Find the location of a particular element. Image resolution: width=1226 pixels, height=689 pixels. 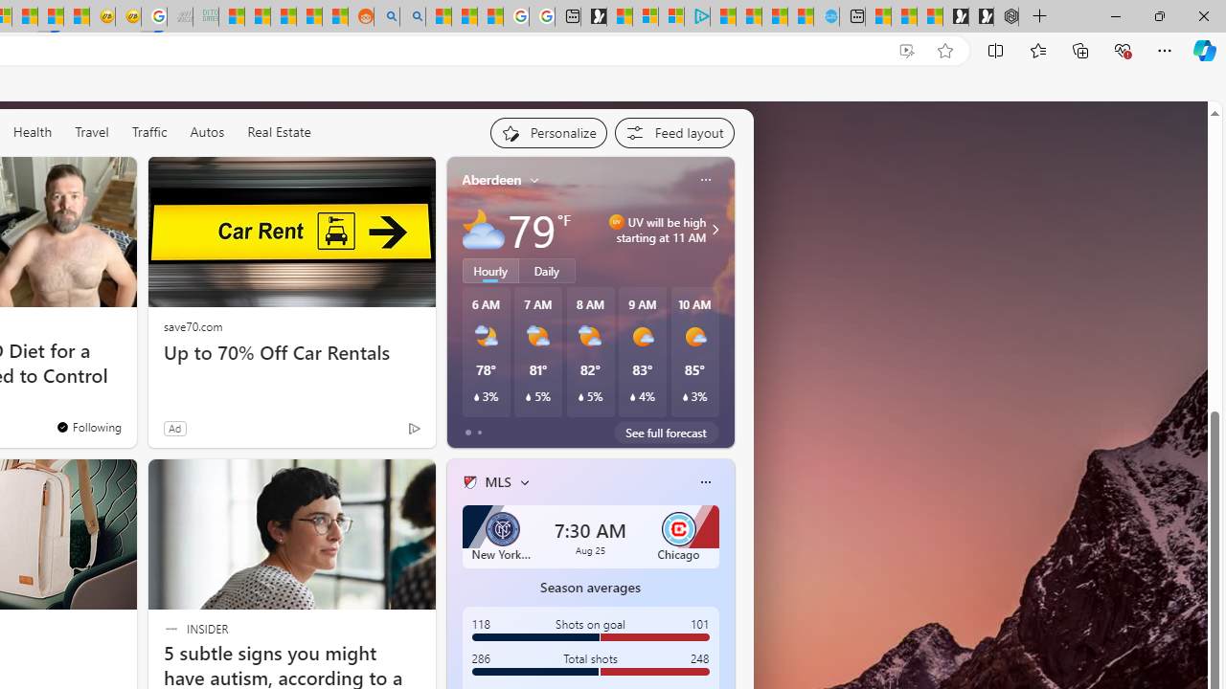

'Aberdeen' is located at coordinates (491, 180).